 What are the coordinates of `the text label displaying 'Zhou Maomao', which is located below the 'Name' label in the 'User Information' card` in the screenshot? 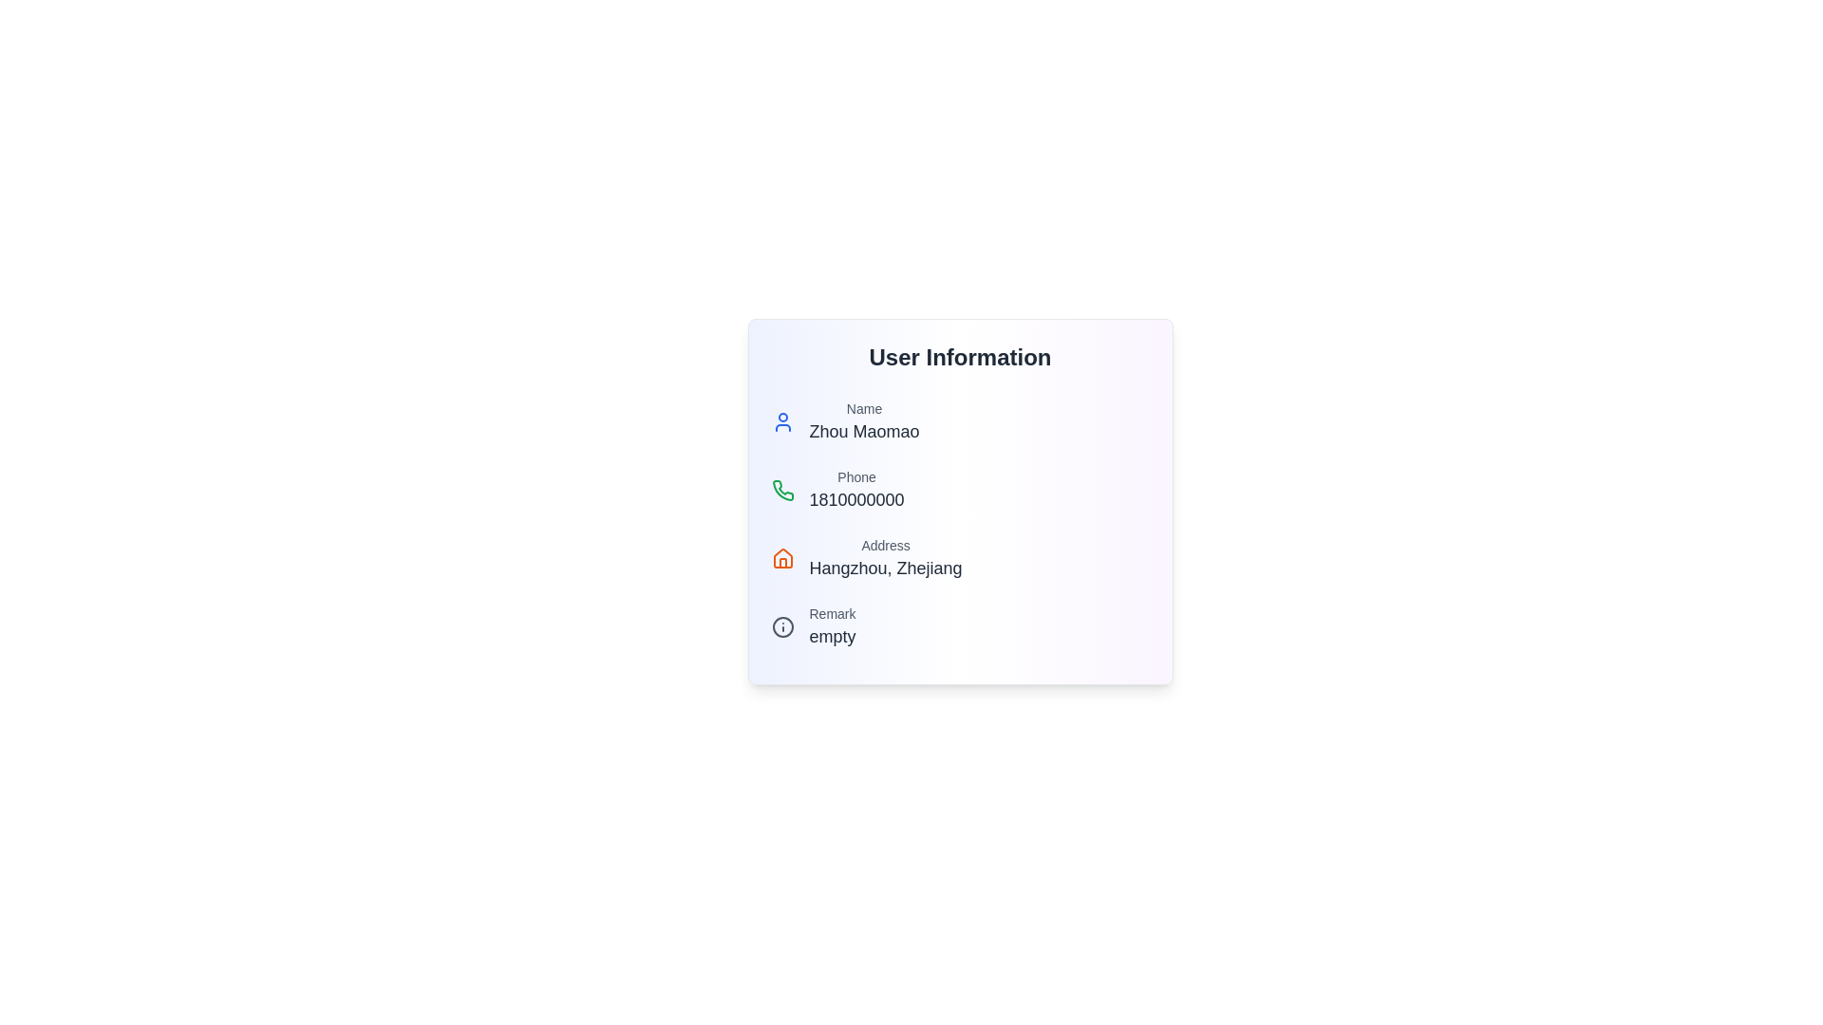 It's located at (863, 432).